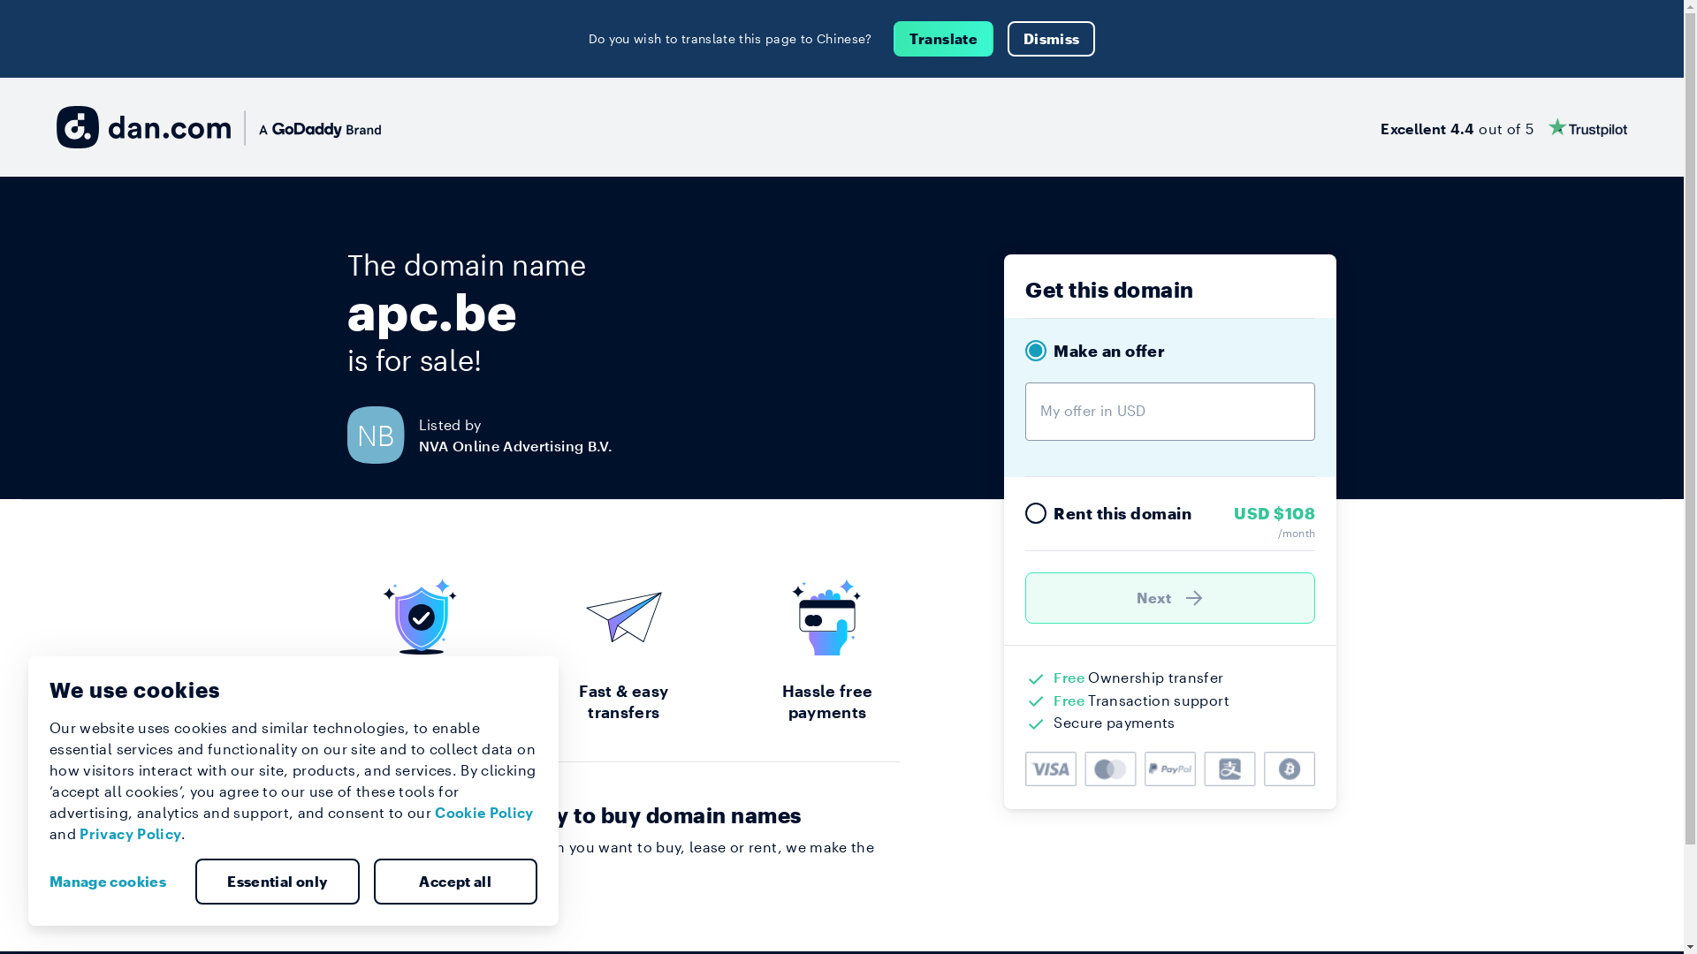 The height and width of the screenshot is (954, 1697). What do you see at coordinates (113, 882) in the screenshot?
I see `'Manage cookies'` at bounding box center [113, 882].